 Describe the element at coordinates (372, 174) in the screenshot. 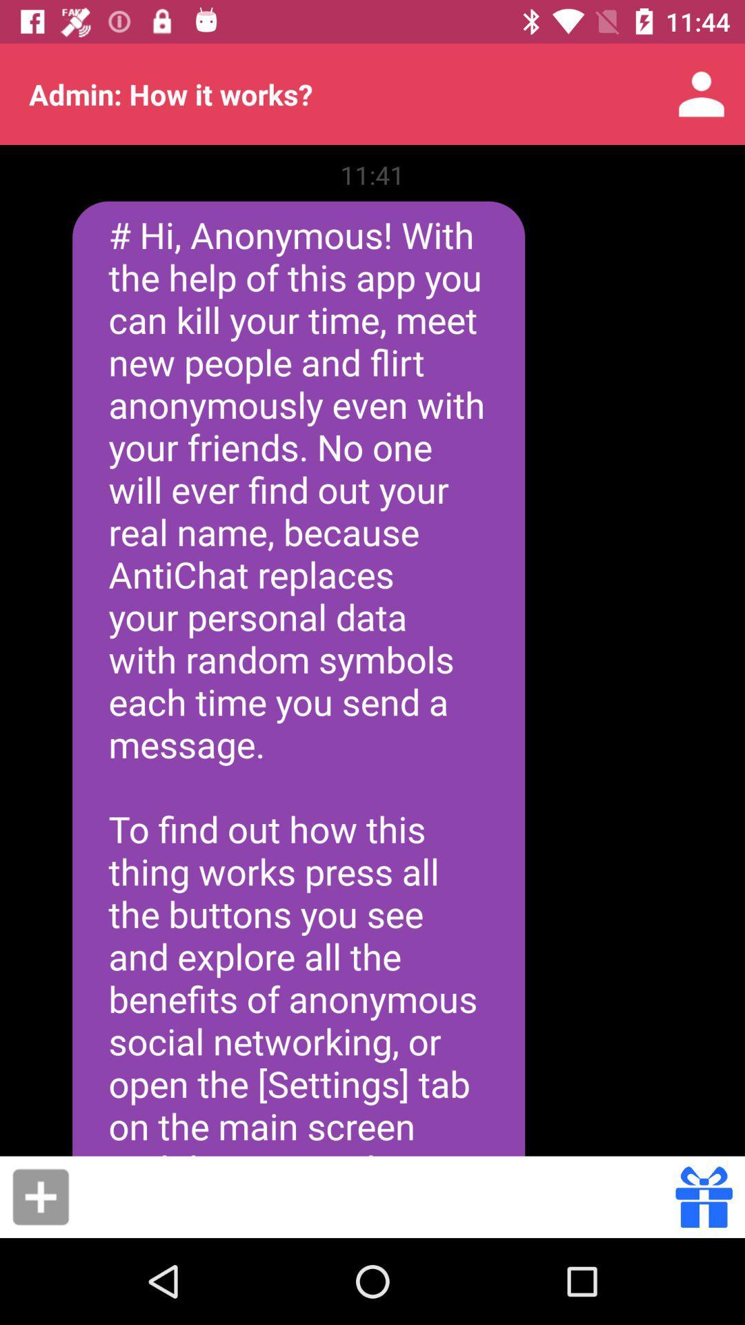

I see `11:41 item` at that location.